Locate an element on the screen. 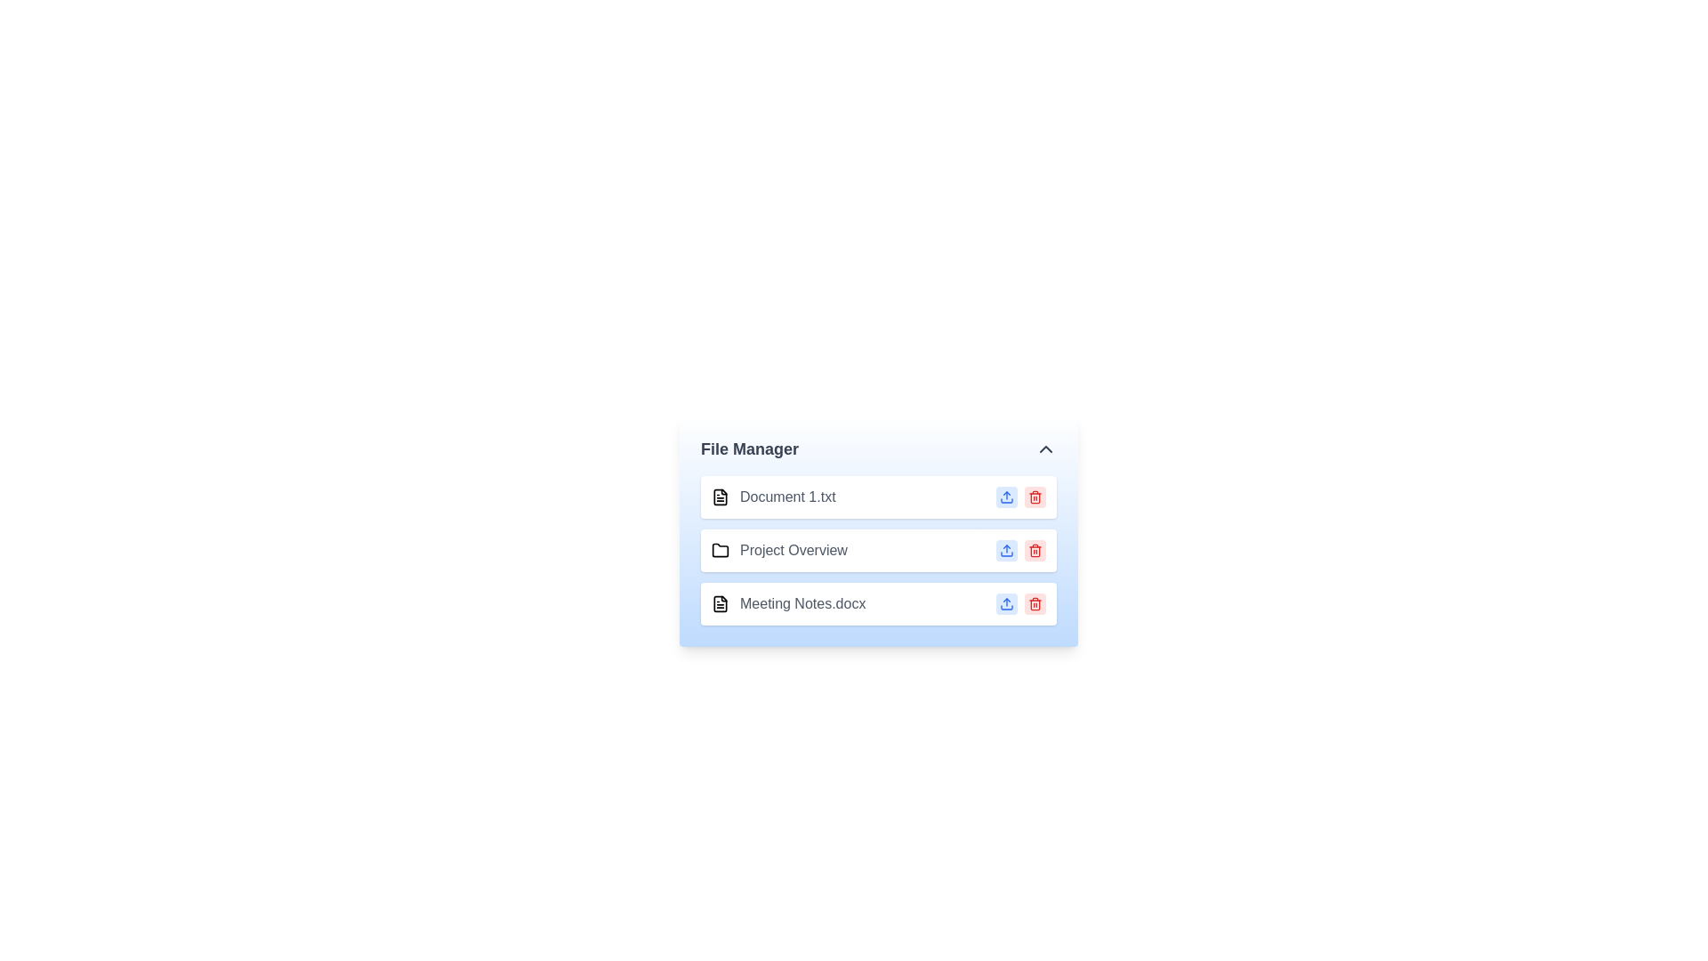 This screenshot has height=961, width=1708. delete button next to the file or folder named Meeting Notes.docx is located at coordinates (1035, 602).